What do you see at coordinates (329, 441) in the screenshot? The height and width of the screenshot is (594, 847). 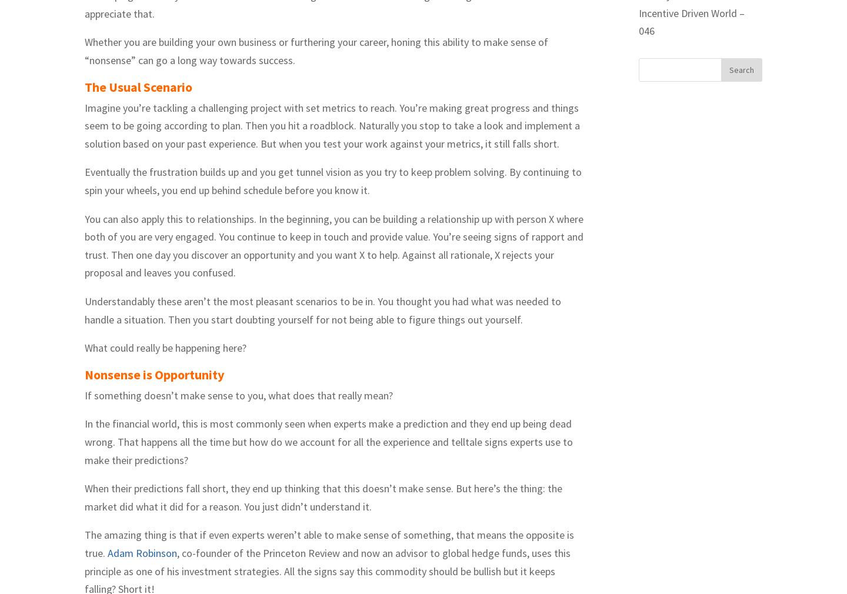 I see `'In the financial world, this is most commonly seen when experts make a prediction and they end up being dead wrong. That happens all the time but how do we account for all the experience and telltale signs experts use to make their predictions?'` at bounding box center [329, 441].